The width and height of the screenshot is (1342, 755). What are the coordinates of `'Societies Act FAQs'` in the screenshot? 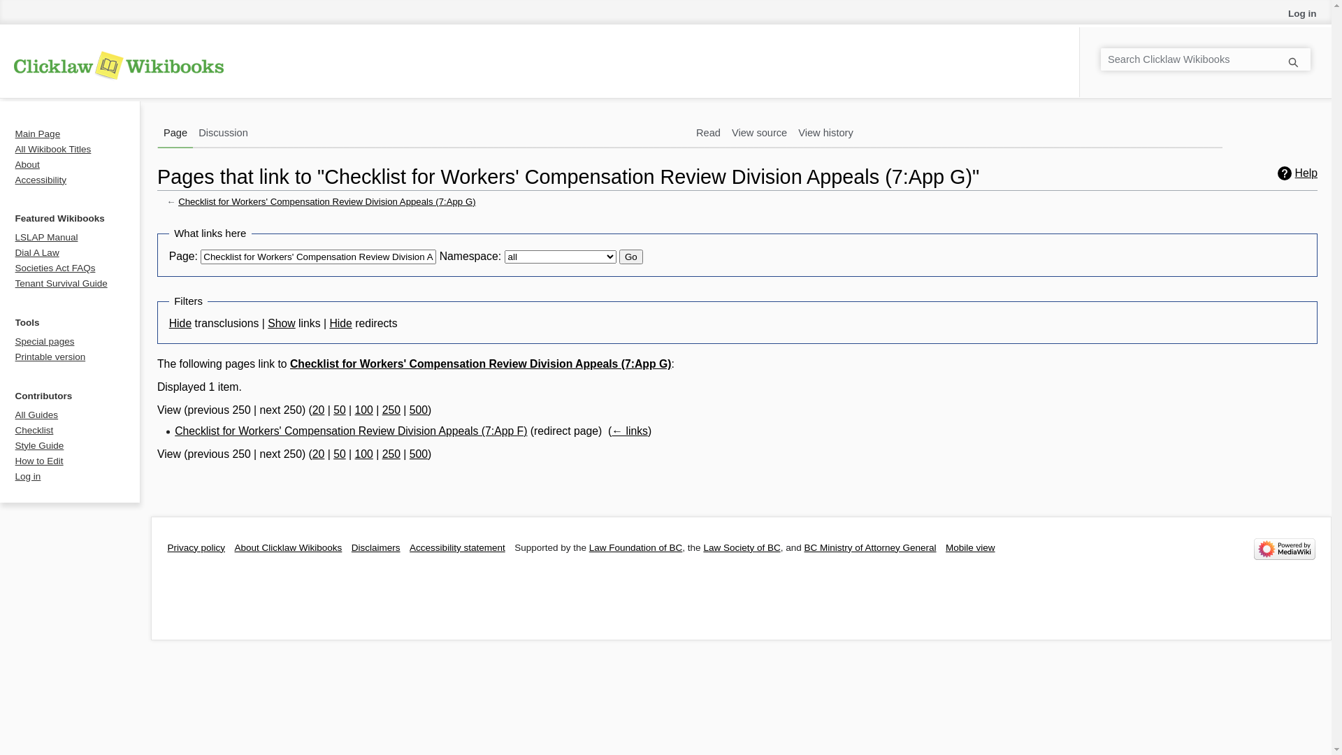 It's located at (55, 268).